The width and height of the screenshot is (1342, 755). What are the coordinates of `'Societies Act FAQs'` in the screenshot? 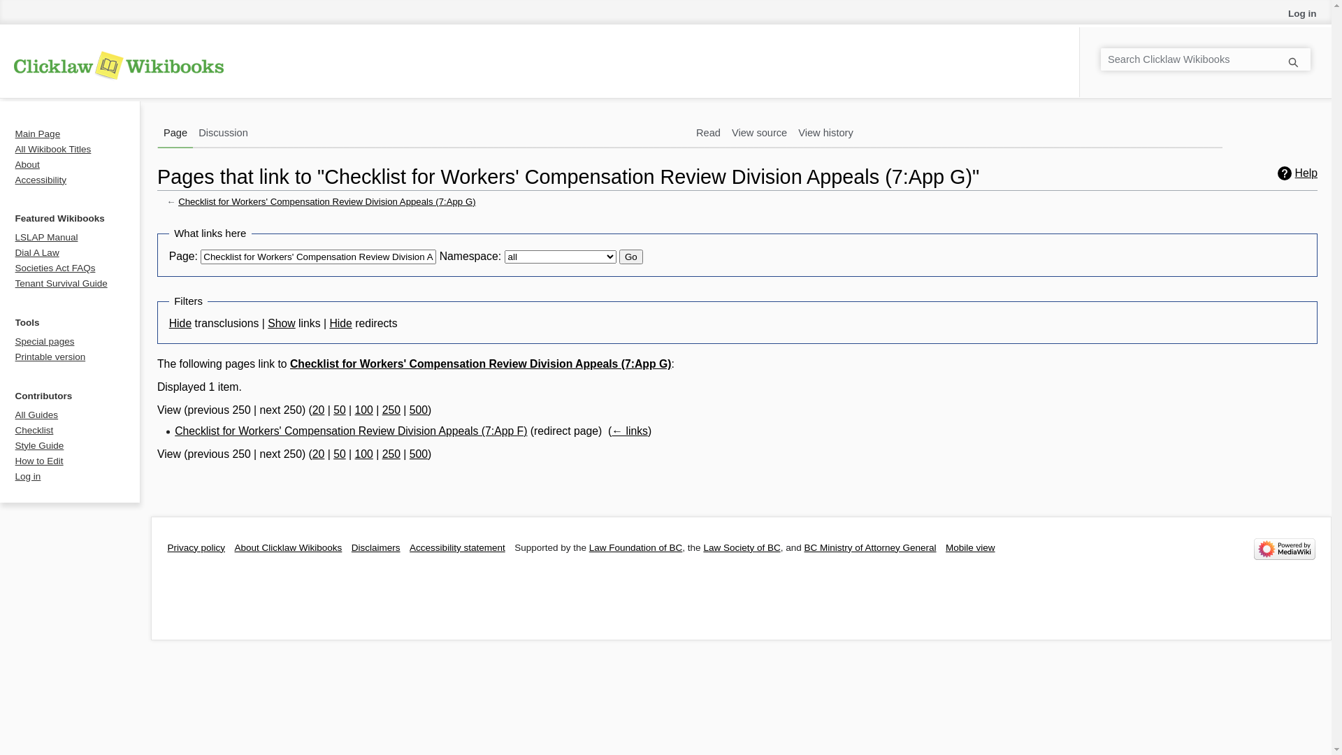 It's located at (55, 268).